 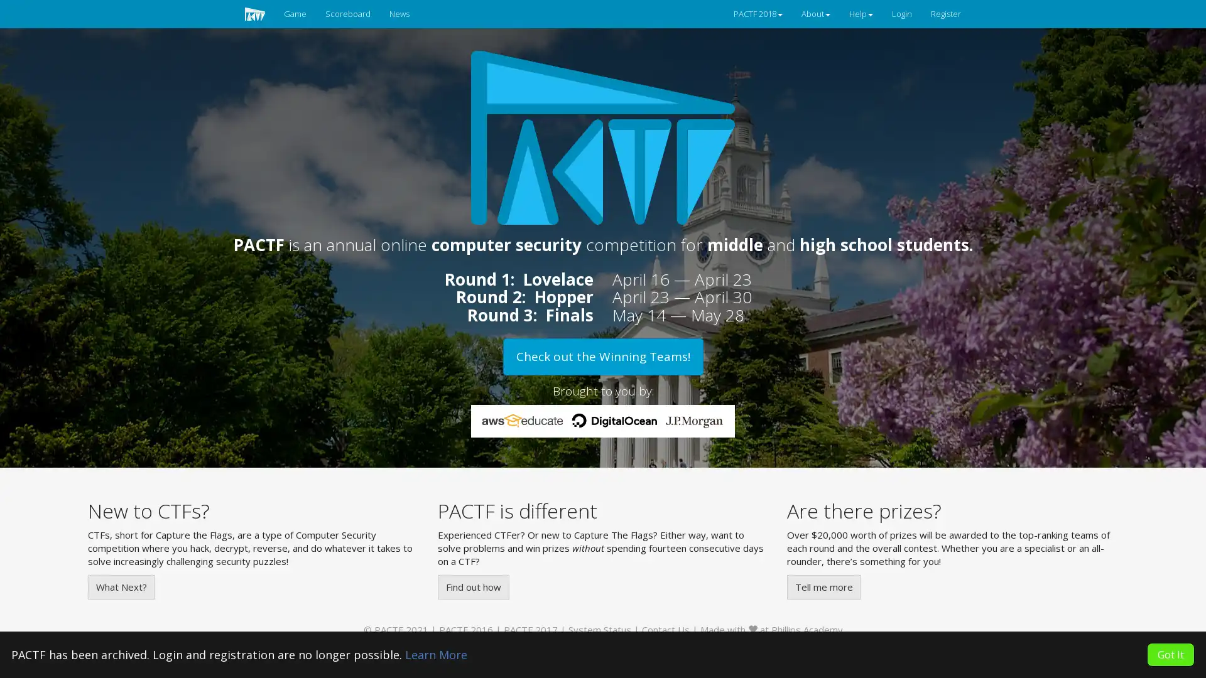 I want to click on Got It, so click(x=1170, y=654).